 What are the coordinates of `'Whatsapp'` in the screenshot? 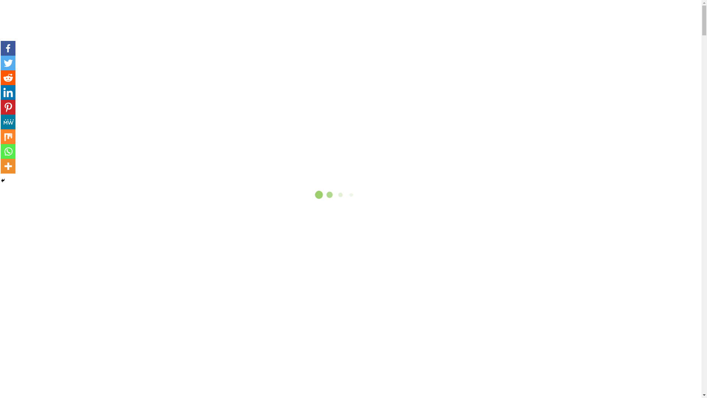 It's located at (8, 151).